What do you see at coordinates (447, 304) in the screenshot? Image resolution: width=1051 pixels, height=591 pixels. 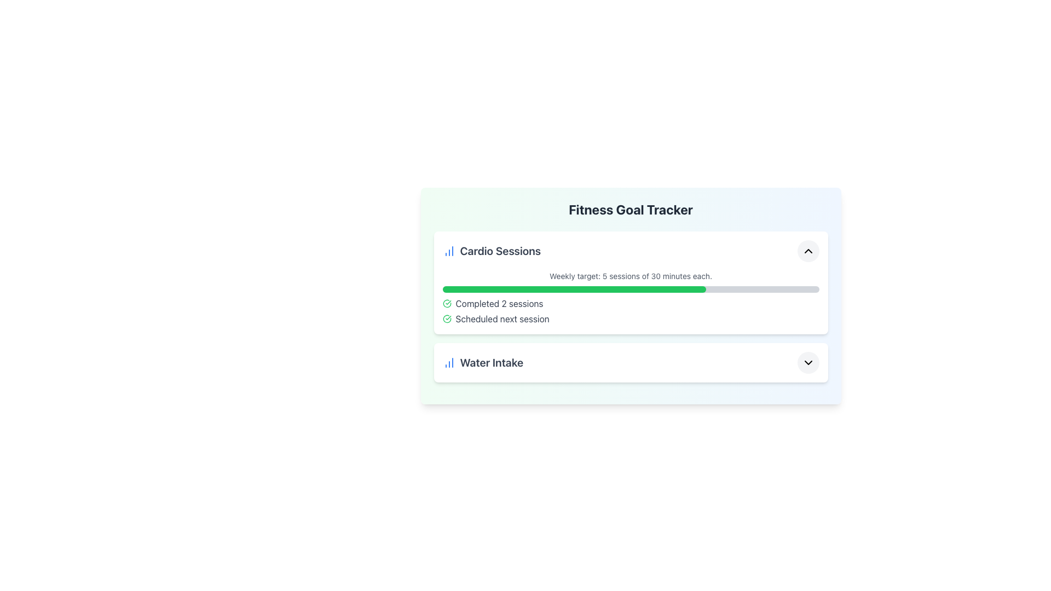 I see `the success indicator icon that precedes the text 'Completed 2 sessions'` at bounding box center [447, 304].